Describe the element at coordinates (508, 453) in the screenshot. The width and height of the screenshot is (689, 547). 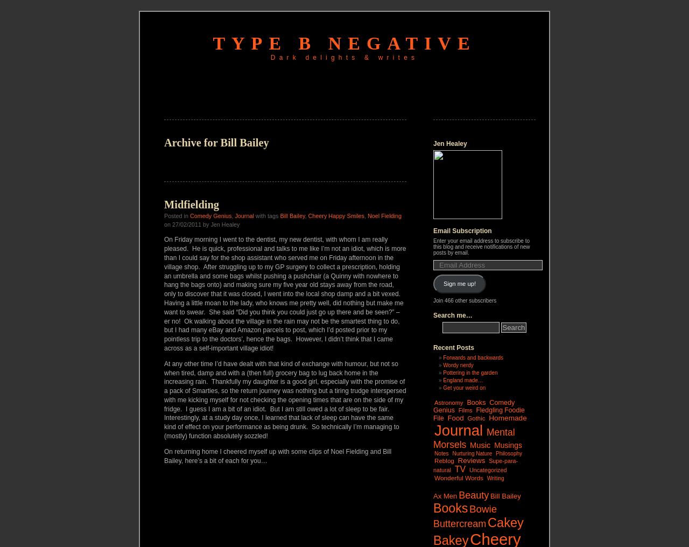
I see `'Philosophy'` at that location.